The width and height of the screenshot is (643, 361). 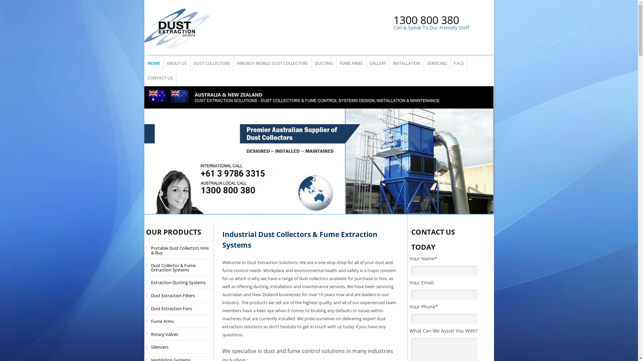 What do you see at coordinates (177, 63) in the screenshot?
I see `'ABOUT US'` at bounding box center [177, 63].